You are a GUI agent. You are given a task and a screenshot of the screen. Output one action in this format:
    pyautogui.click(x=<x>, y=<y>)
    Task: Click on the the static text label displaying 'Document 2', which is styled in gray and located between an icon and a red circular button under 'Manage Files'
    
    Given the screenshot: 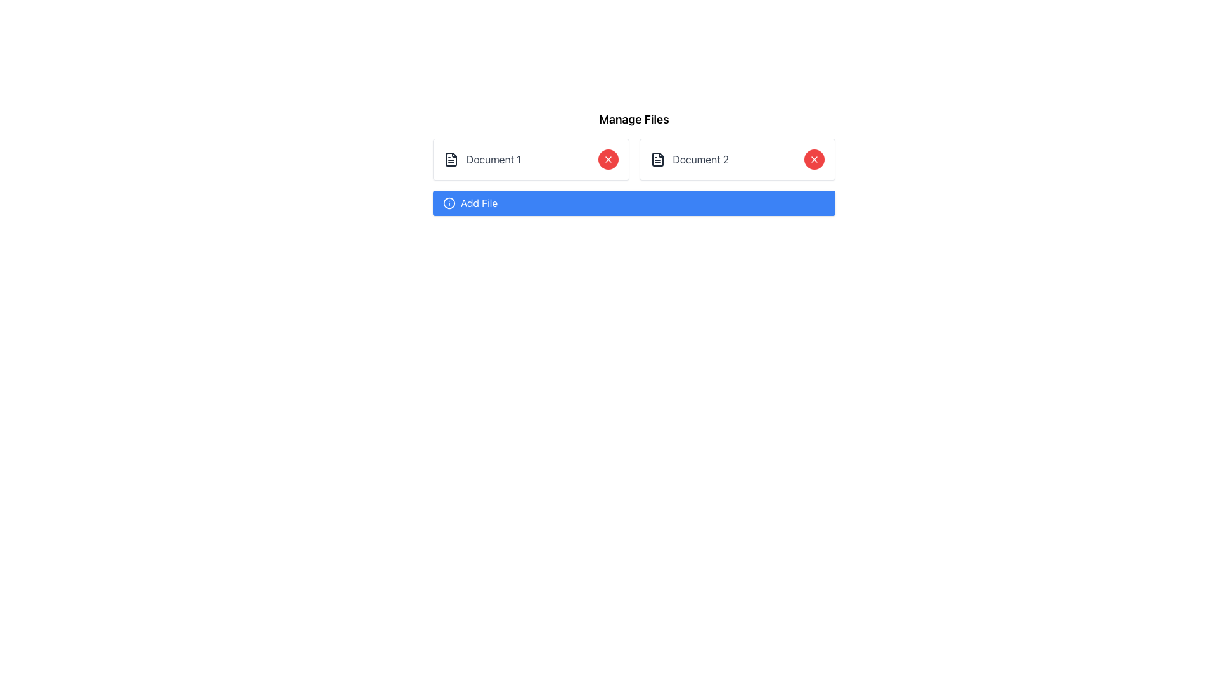 What is the action you would take?
    pyautogui.click(x=700, y=158)
    